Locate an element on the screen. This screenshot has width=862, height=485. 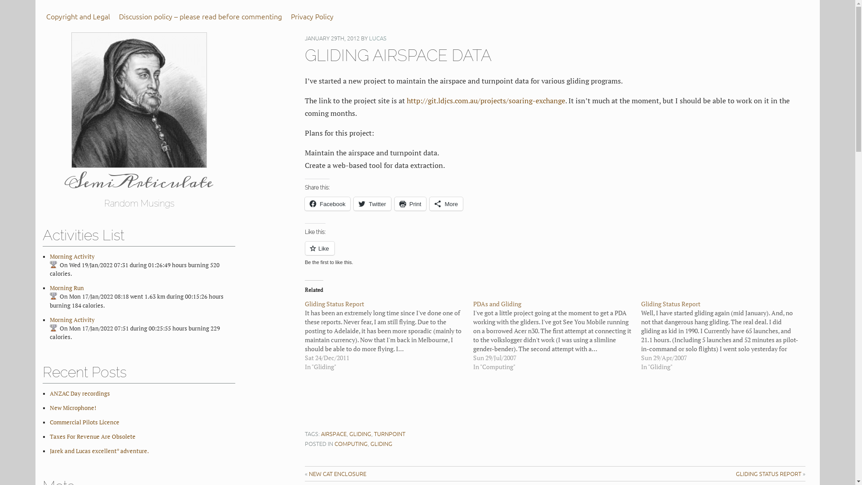
'Privacy Policy' is located at coordinates (312, 16).